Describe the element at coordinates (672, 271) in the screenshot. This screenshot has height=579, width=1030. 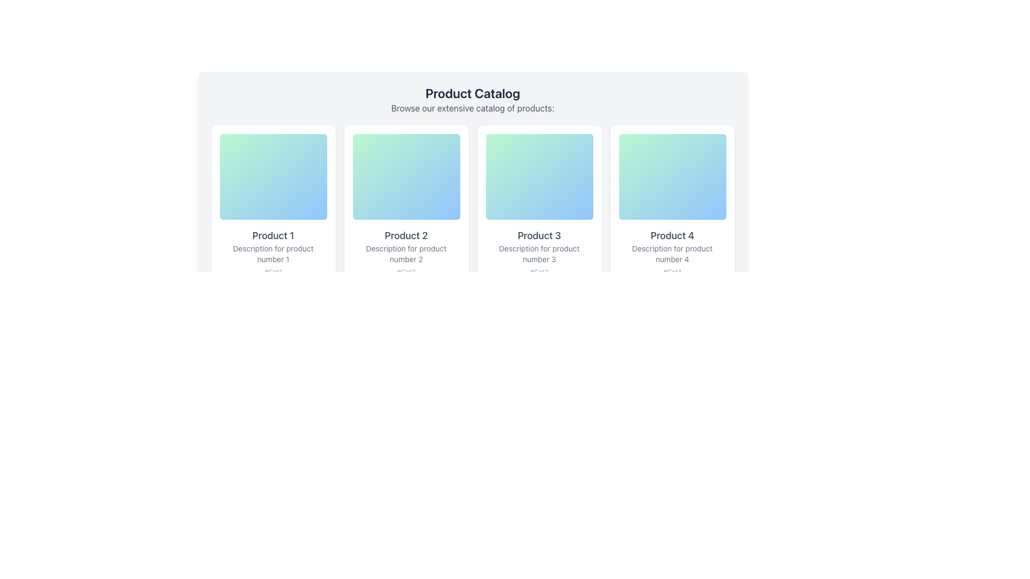
I see `the static text label located in the fourth product card, which provides category or tag information for the product` at that location.